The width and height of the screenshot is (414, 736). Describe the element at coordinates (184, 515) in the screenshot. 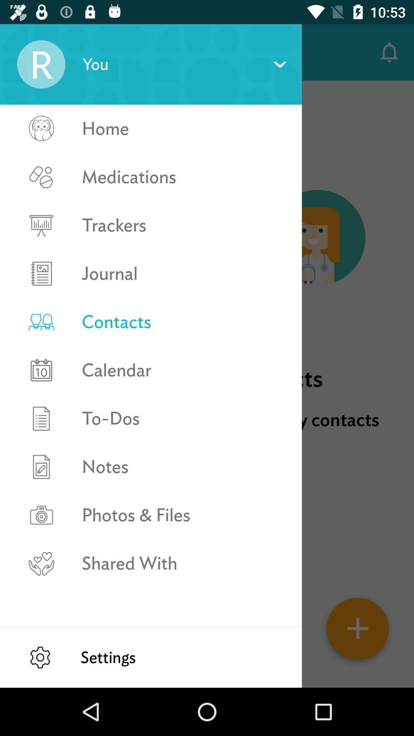

I see `photos & files` at that location.